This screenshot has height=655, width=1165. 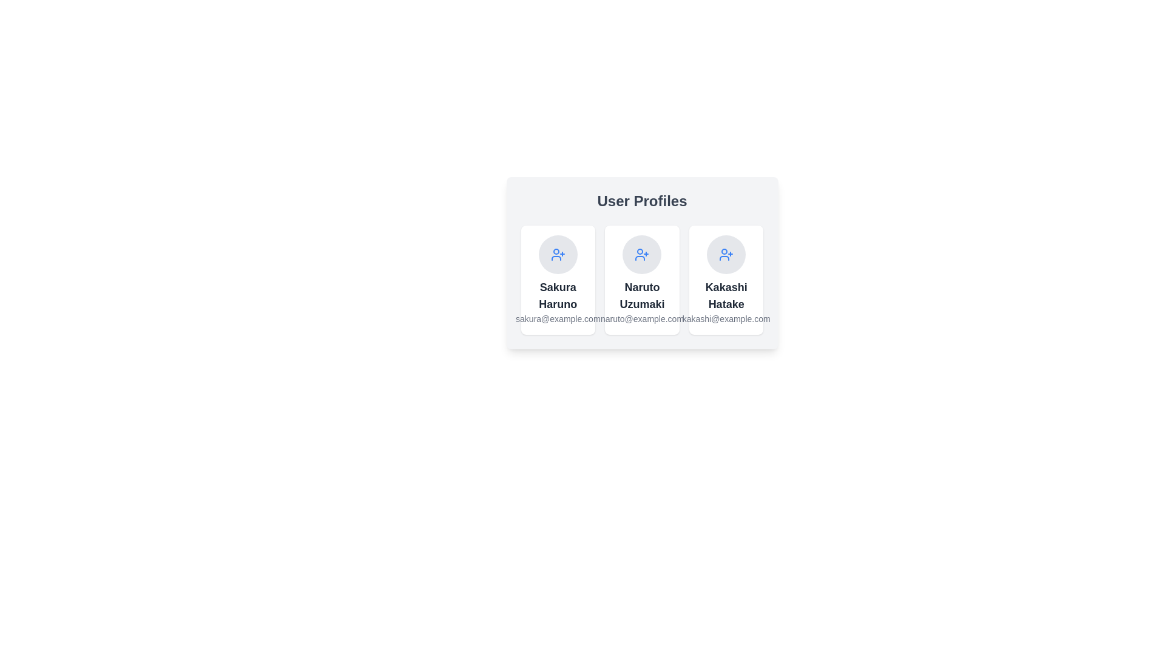 I want to click on displayed name from the text label located in the third profile card, positioned below the avatar icon and above the email address 'kakashi@example.com', so click(x=726, y=296).